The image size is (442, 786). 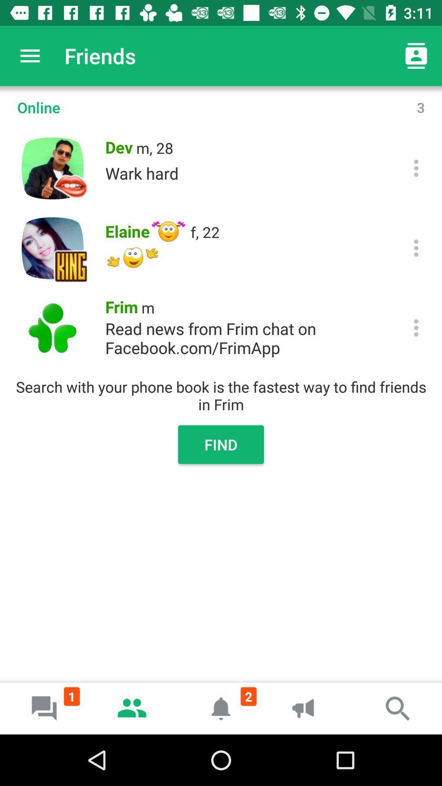 What do you see at coordinates (416, 328) in the screenshot?
I see `click more information` at bounding box center [416, 328].